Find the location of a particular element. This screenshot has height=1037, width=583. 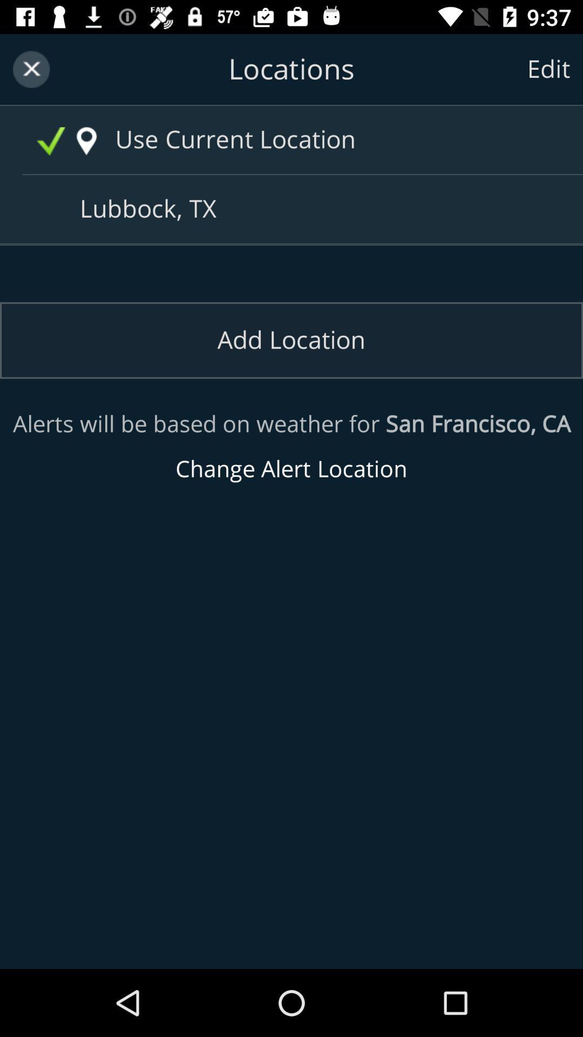

location icon is located at coordinates (86, 141).